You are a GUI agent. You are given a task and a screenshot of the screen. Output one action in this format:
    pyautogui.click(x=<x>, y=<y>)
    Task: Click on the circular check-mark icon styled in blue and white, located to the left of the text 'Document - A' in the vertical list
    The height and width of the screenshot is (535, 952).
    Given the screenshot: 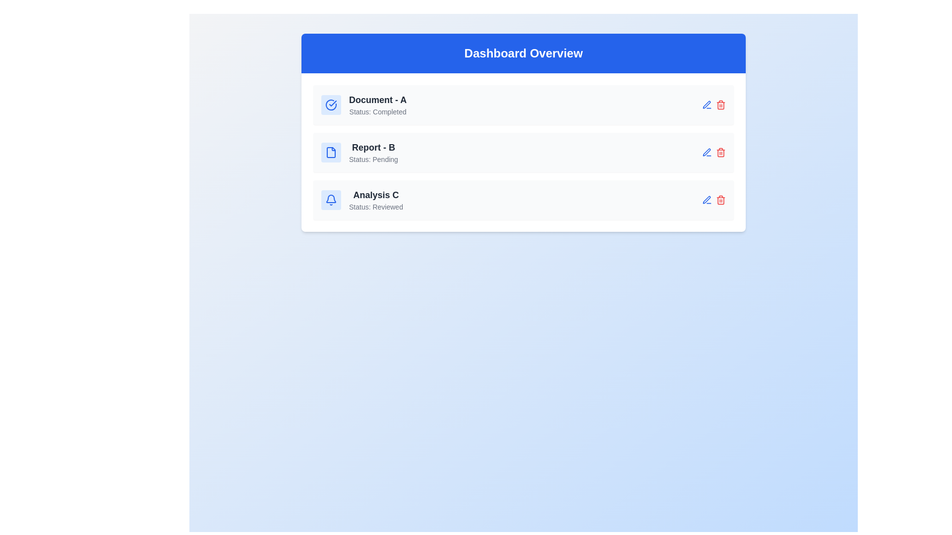 What is the action you would take?
    pyautogui.click(x=331, y=105)
    